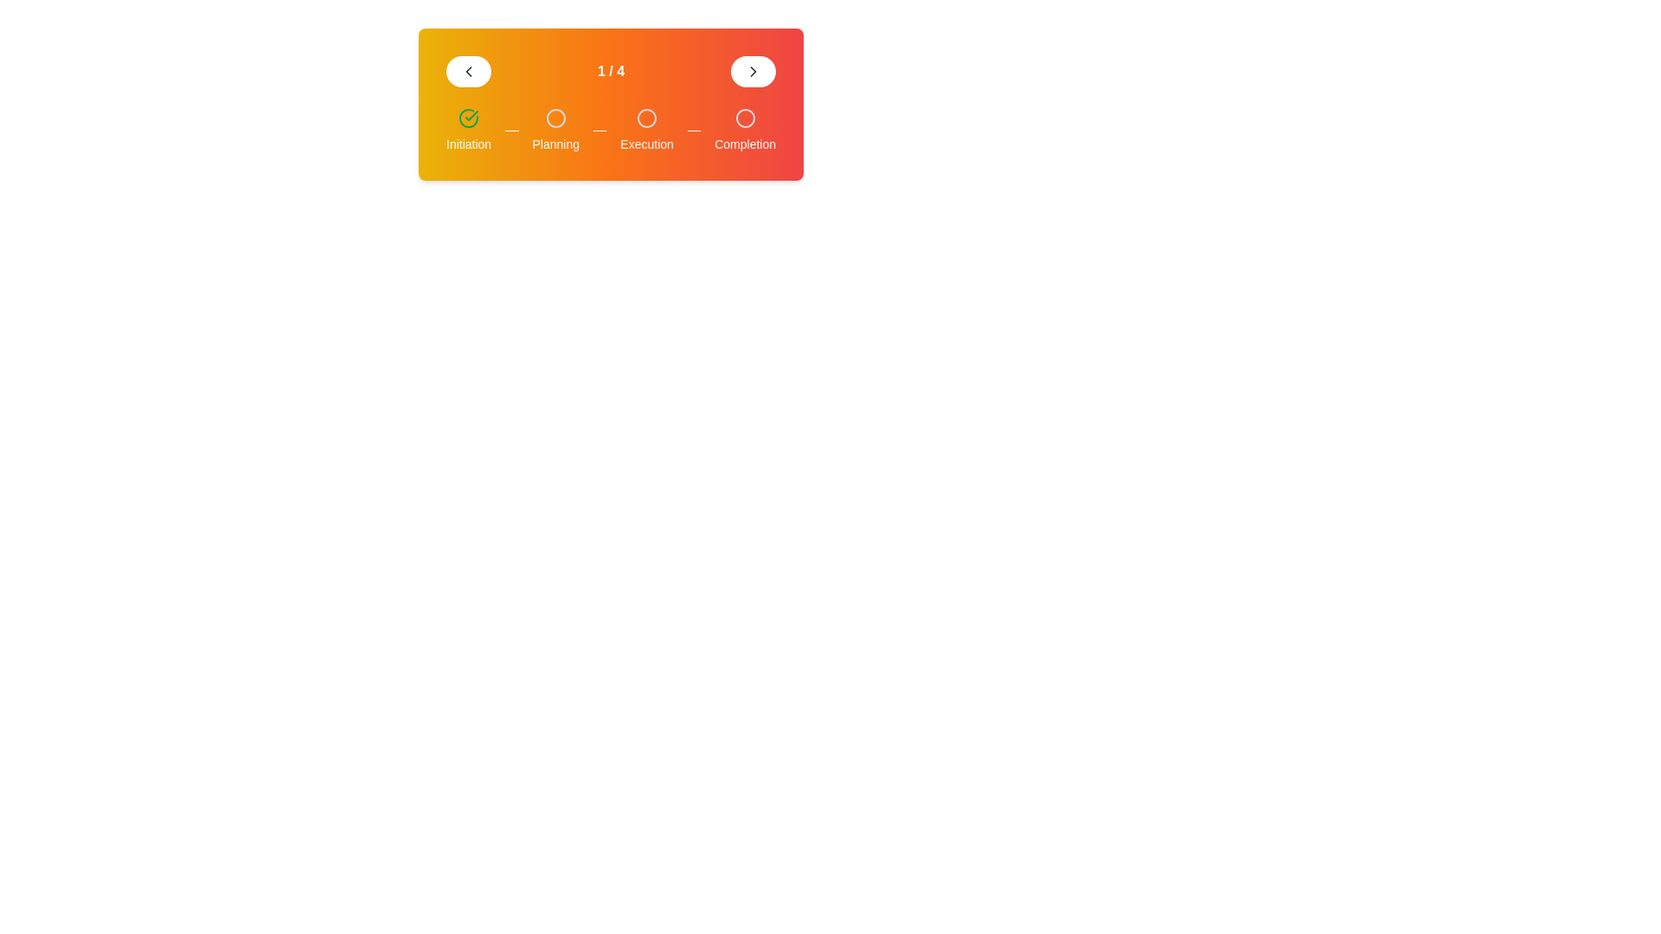 This screenshot has width=1661, height=934. Describe the element at coordinates (753, 71) in the screenshot. I see `the chevron icon pointing to the right, which is styled with SVG graphics and is likely used for navigation or progression` at that location.